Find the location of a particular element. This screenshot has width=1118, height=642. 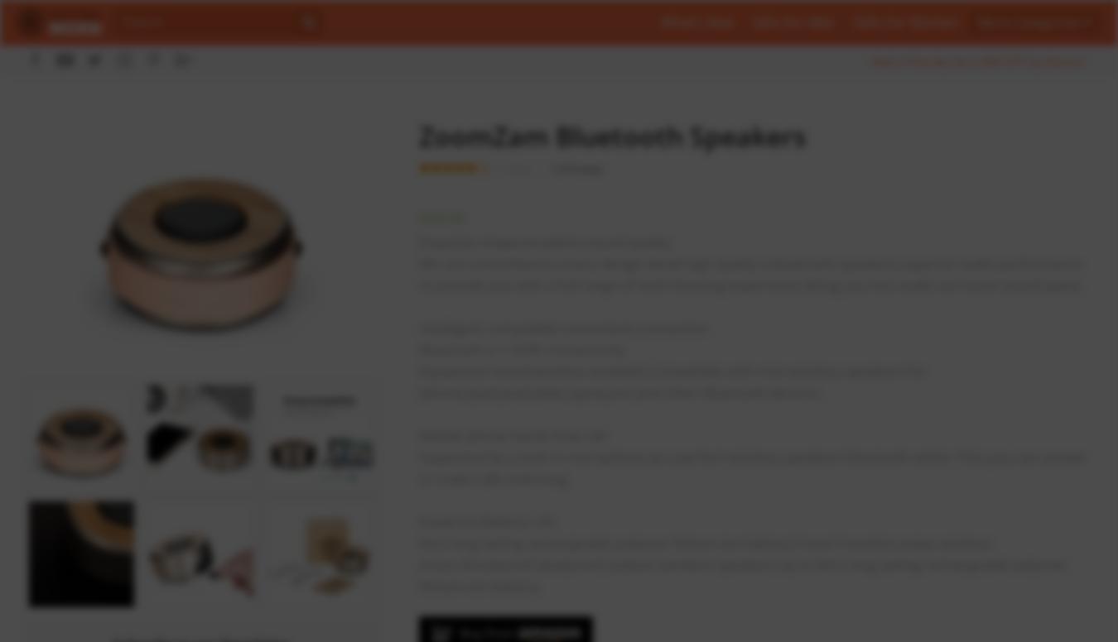

'Mobile phone hands-free call' is located at coordinates (511, 435).